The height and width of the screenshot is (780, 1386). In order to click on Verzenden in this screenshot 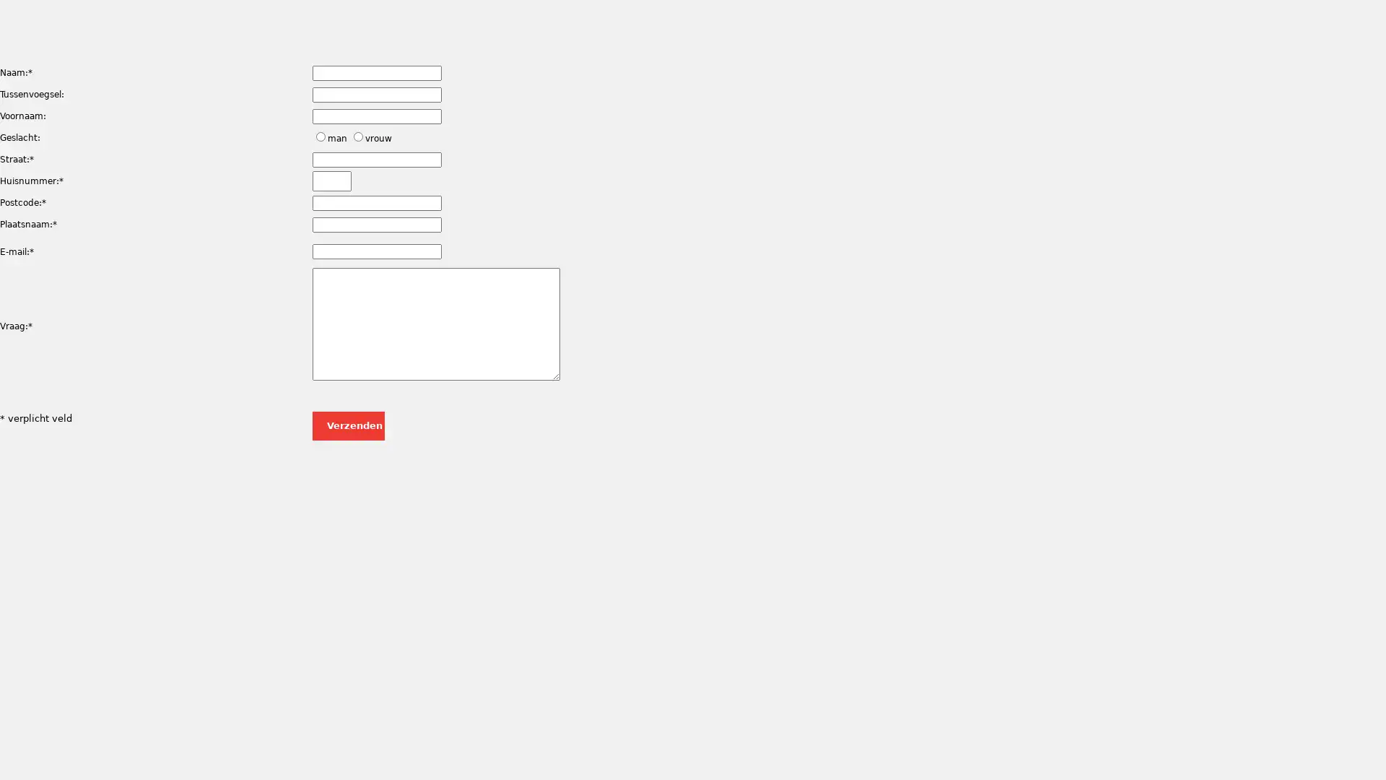, I will do `click(349, 425)`.